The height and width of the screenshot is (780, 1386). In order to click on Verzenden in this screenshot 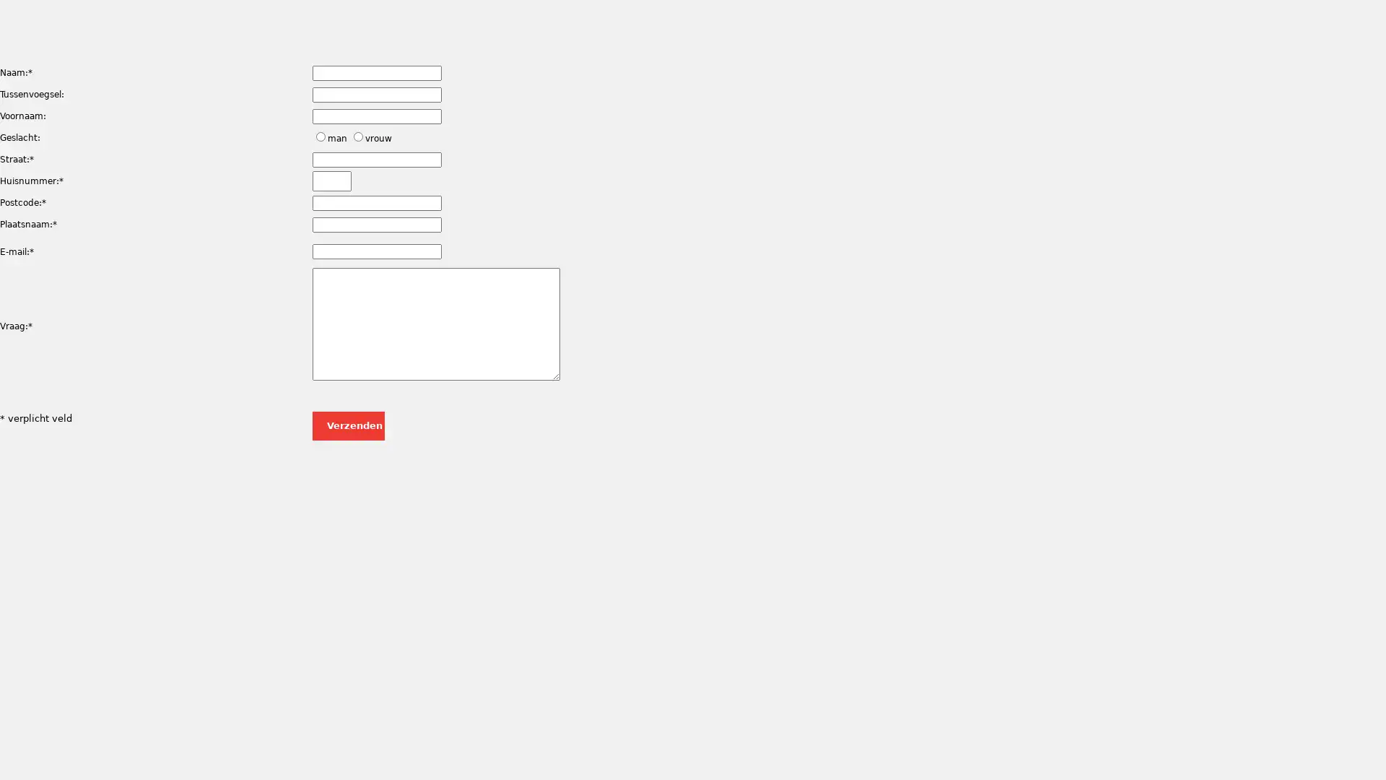, I will do `click(349, 425)`.